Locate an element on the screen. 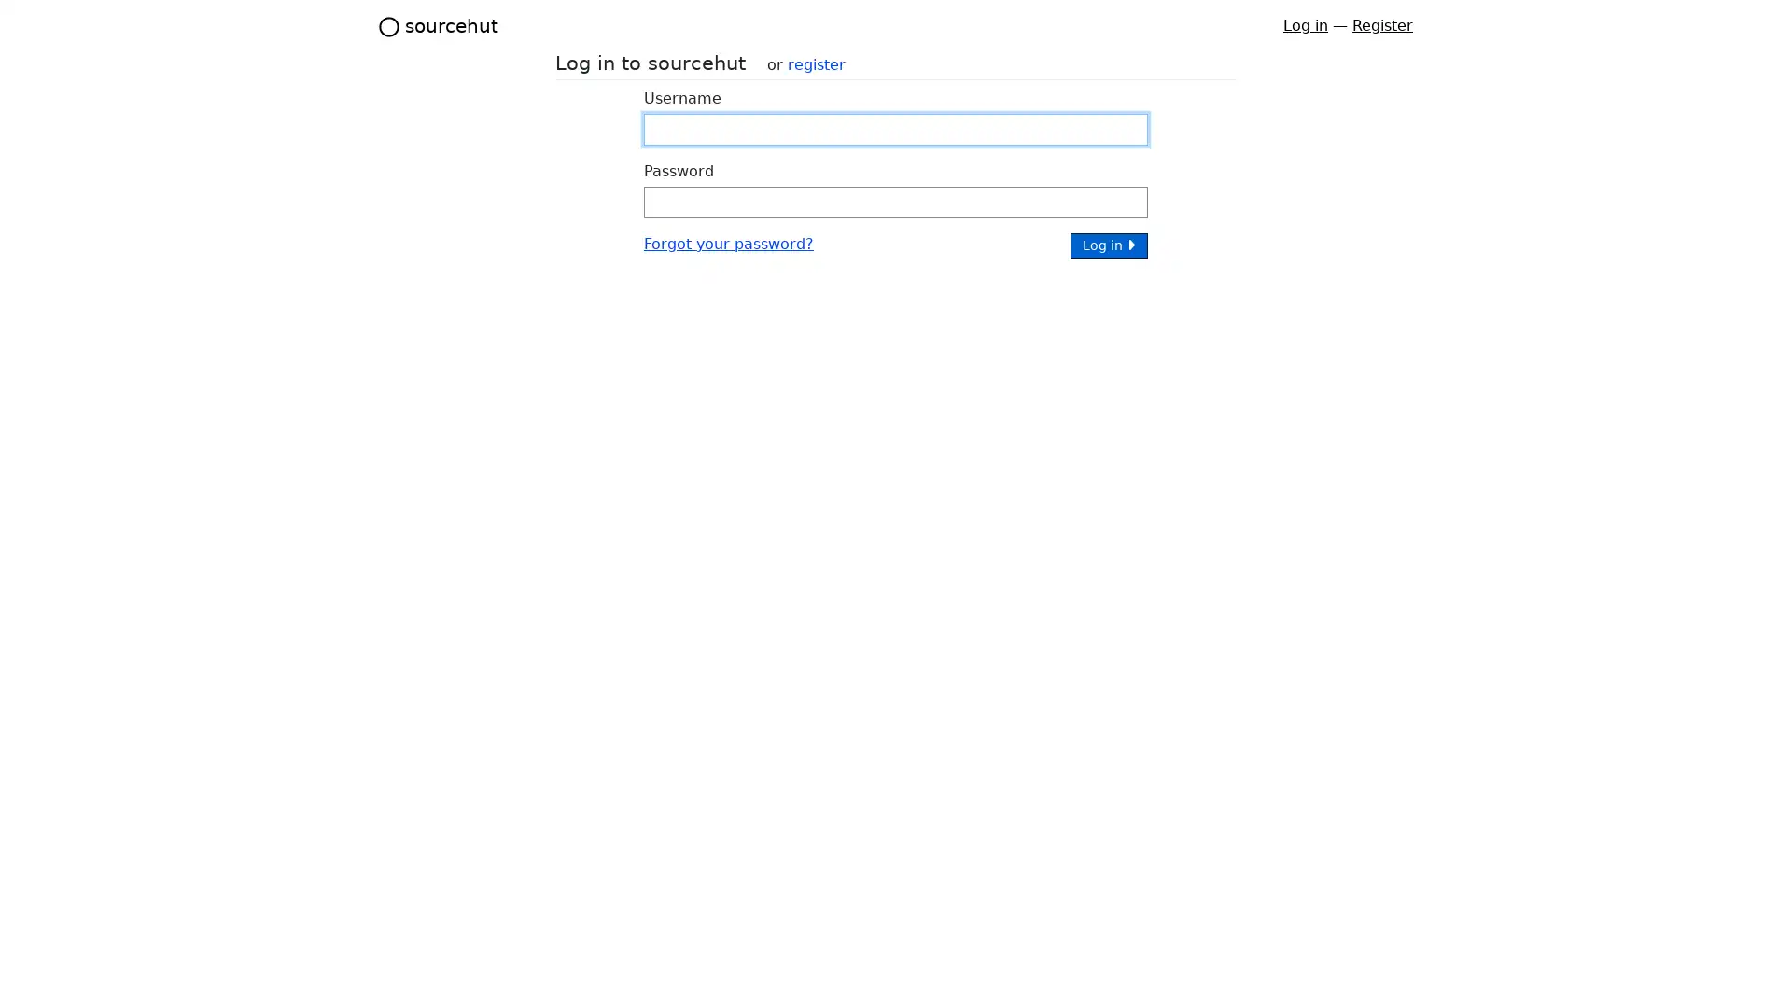 This screenshot has width=1792, height=1008. Log in is located at coordinates (1109, 244).